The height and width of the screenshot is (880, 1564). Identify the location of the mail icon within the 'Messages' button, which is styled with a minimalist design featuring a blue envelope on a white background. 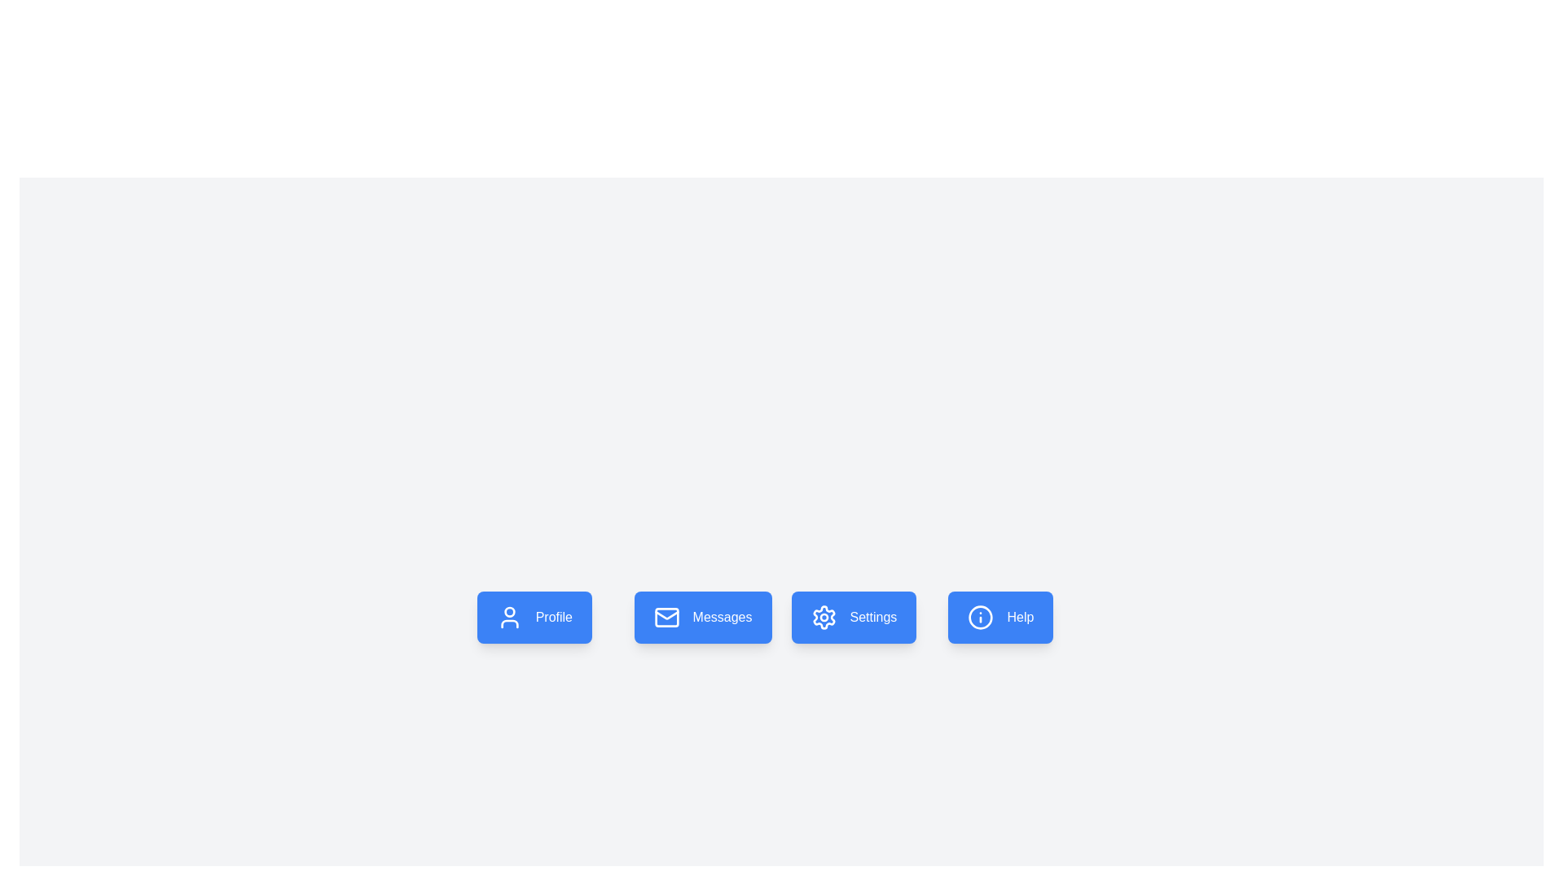
(666, 618).